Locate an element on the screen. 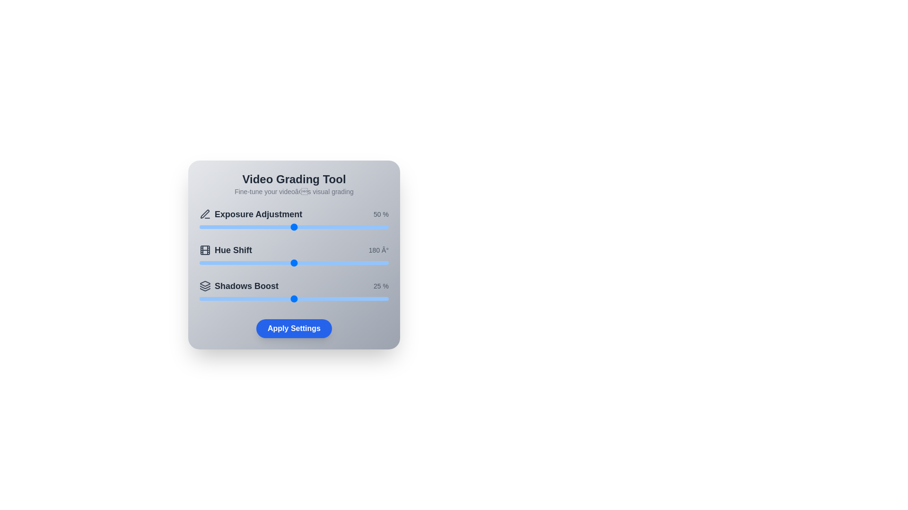 The height and width of the screenshot is (510, 908). the exposure adjustment is located at coordinates (290, 227).